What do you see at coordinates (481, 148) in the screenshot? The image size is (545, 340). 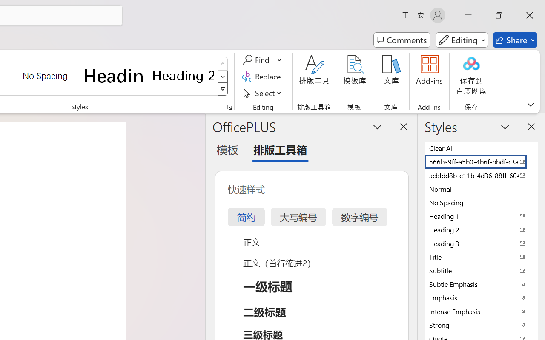 I see `'Clear All'` at bounding box center [481, 148].